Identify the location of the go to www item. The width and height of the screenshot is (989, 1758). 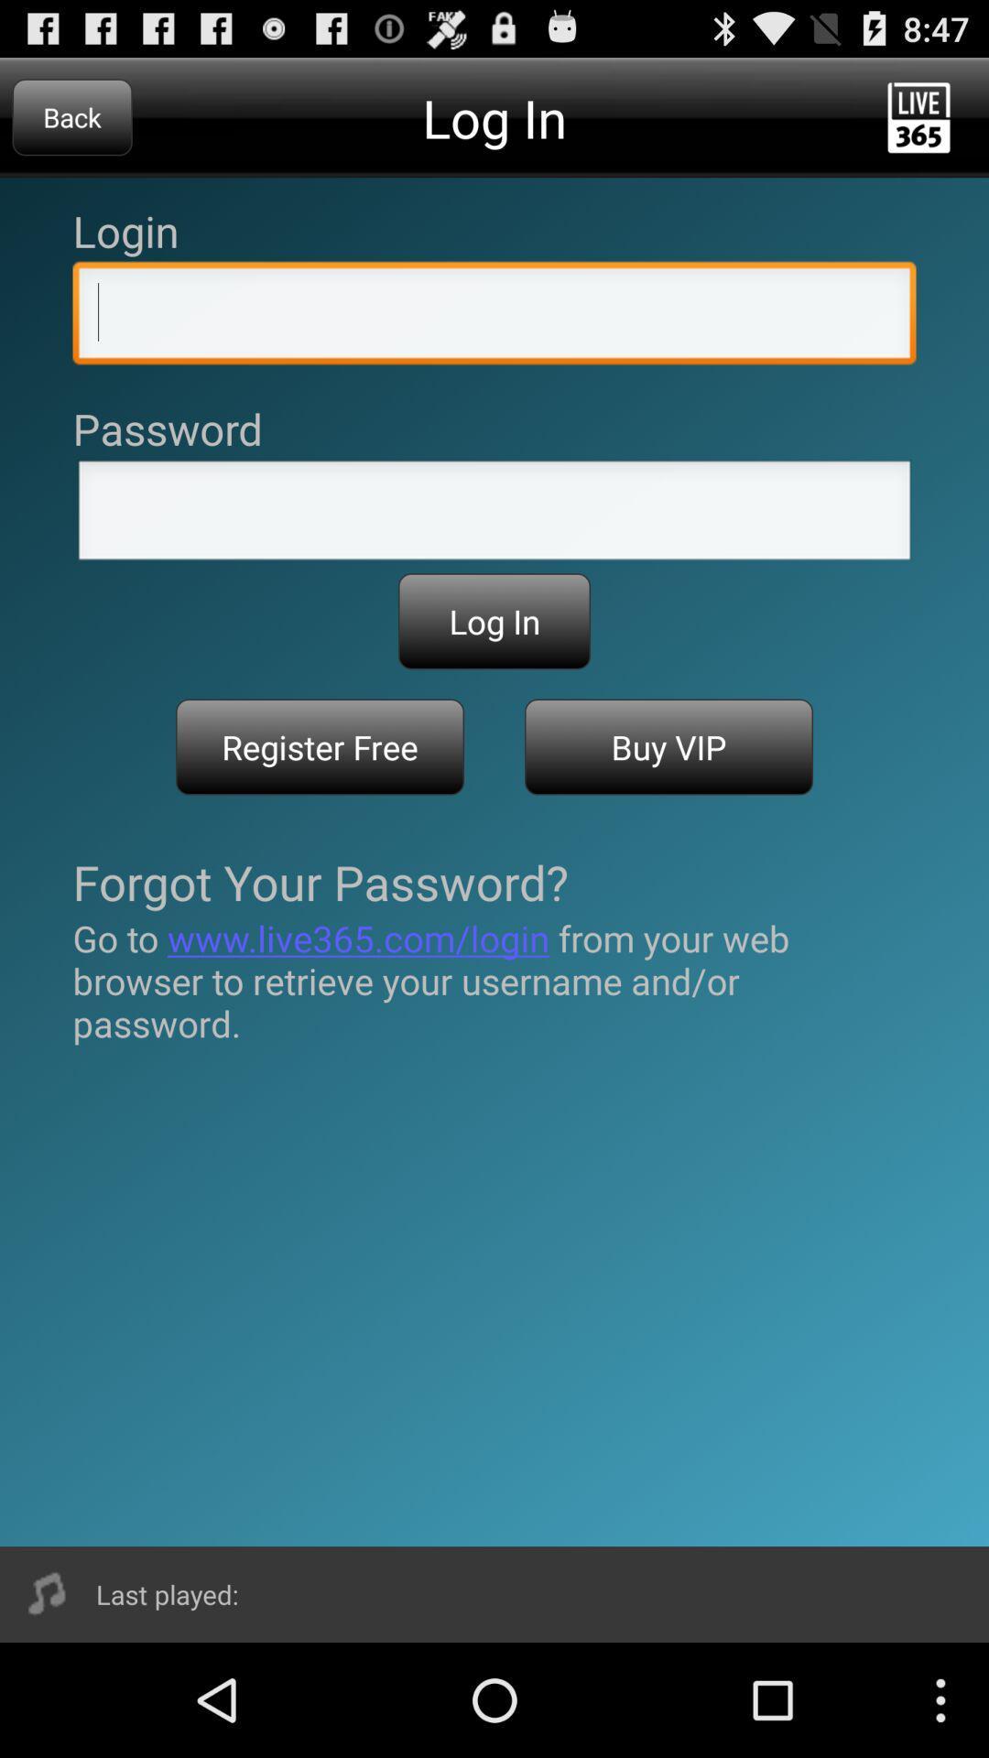
(494, 980).